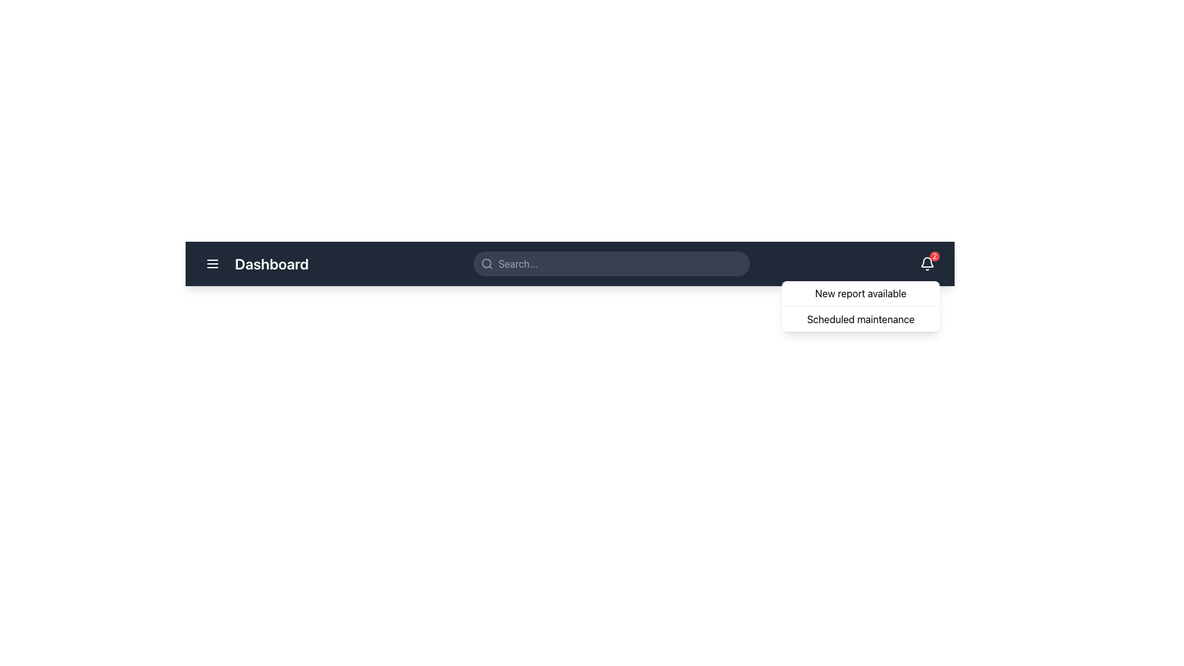 The image size is (1184, 666). Describe the element at coordinates (927, 263) in the screenshot. I see `the notification bell icon with badge located at the far right of the top navigation bar` at that location.